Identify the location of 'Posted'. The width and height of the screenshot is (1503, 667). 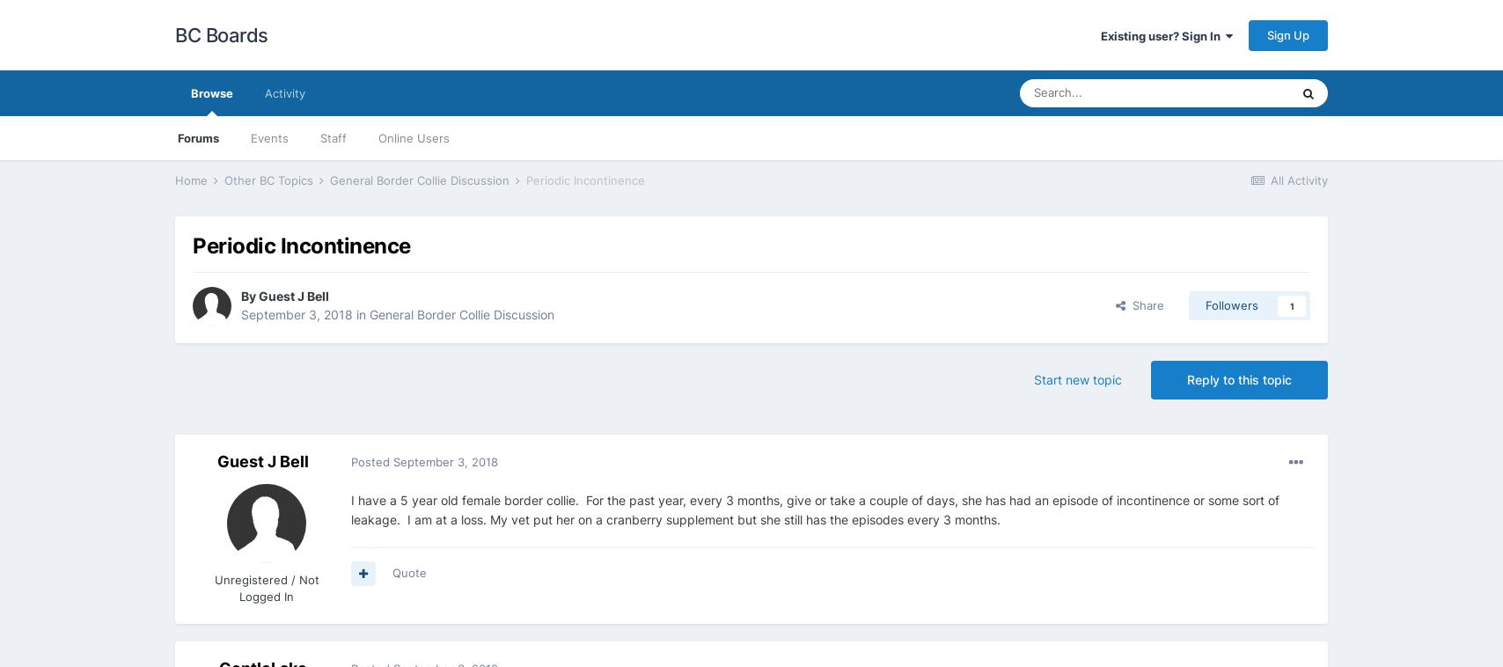
(372, 460).